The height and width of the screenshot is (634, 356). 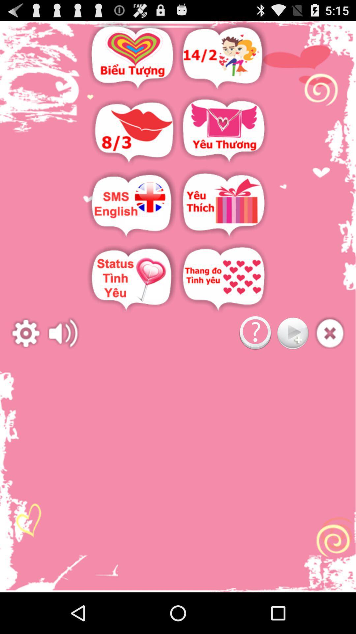 What do you see at coordinates (25, 333) in the screenshot?
I see `setting box` at bounding box center [25, 333].